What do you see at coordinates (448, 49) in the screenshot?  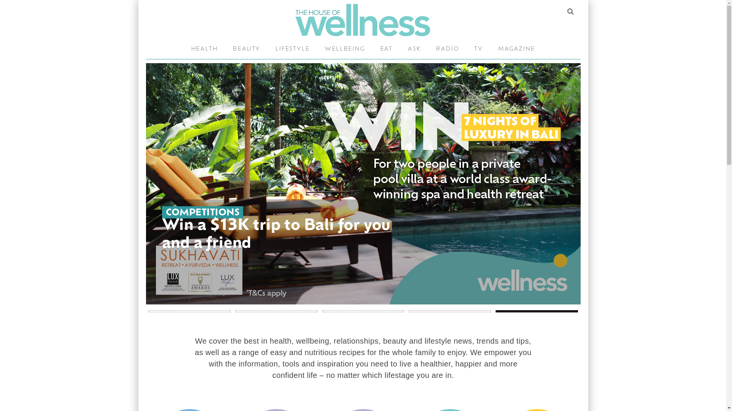 I see `'RADIO'` at bounding box center [448, 49].